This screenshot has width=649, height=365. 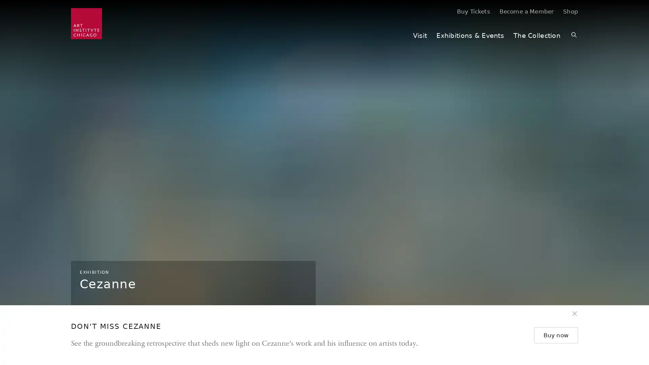 What do you see at coordinates (558, 335) in the screenshot?
I see `Buy now` at bounding box center [558, 335].